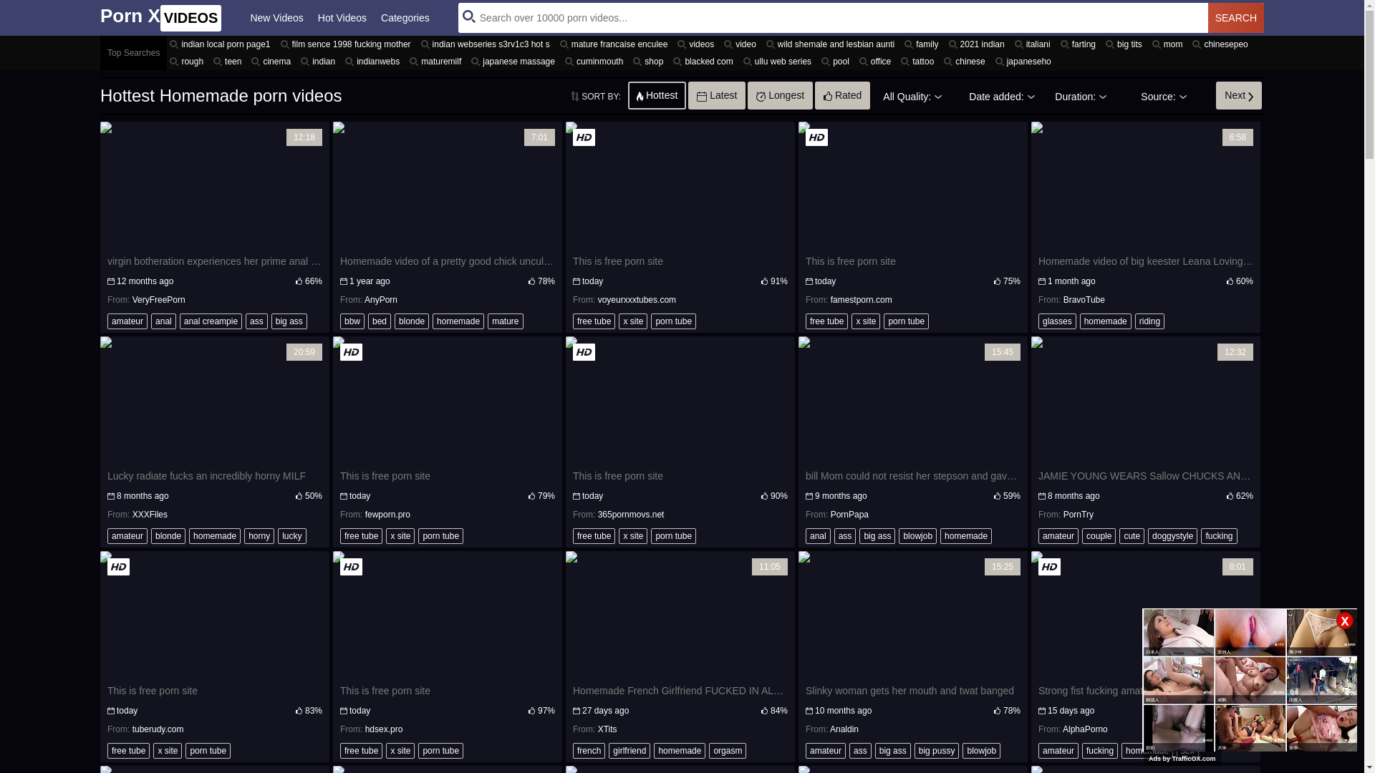  What do you see at coordinates (842, 94) in the screenshot?
I see `'Rated'` at bounding box center [842, 94].